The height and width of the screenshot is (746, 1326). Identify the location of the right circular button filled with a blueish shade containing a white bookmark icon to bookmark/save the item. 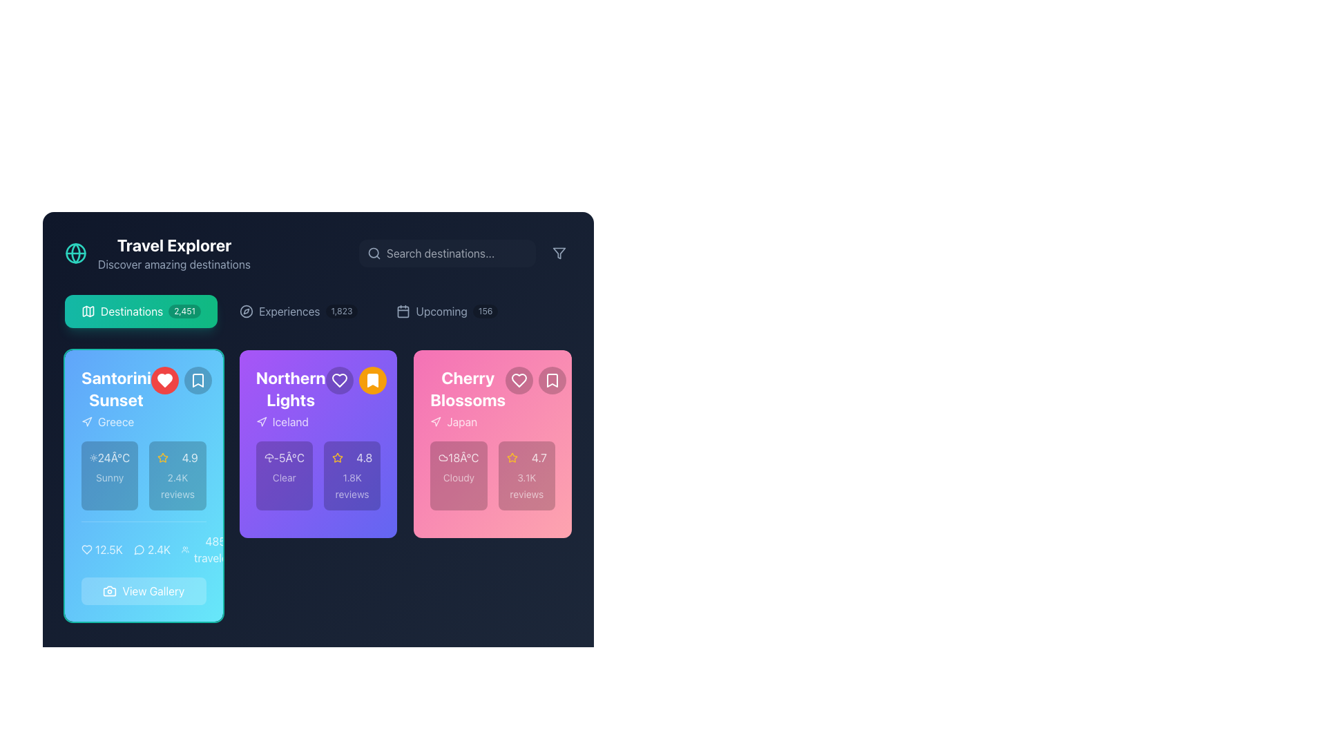
(180, 381).